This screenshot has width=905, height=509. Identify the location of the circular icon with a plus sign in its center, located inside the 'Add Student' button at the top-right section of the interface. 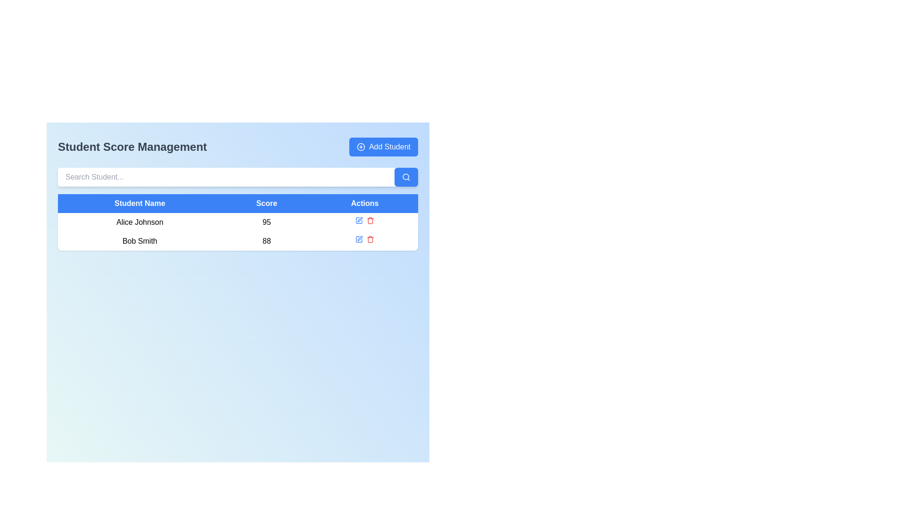
(360, 147).